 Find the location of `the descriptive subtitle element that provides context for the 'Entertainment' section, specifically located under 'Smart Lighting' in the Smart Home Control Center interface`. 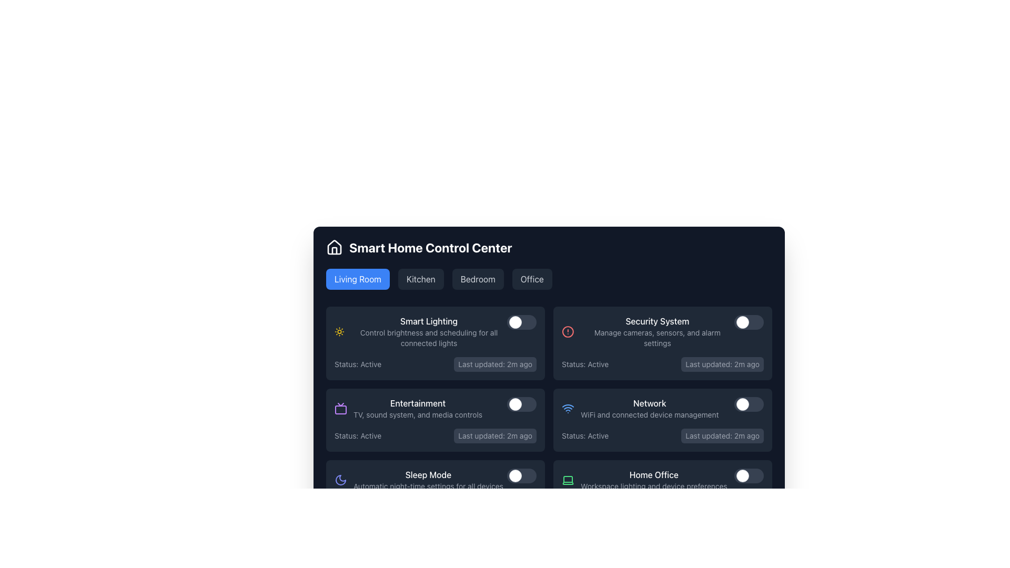

the descriptive subtitle element that provides context for the 'Entertainment' section, specifically located under 'Smart Lighting' in the Smart Home Control Center interface is located at coordinates (417, 414).